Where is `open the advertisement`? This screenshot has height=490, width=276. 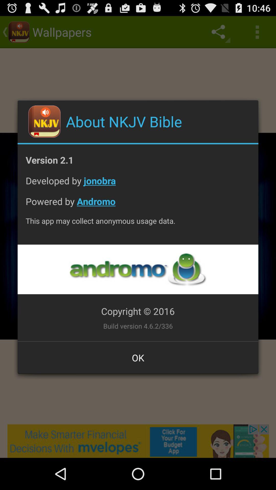
open the advertisement is located at coordinates (137, 269).